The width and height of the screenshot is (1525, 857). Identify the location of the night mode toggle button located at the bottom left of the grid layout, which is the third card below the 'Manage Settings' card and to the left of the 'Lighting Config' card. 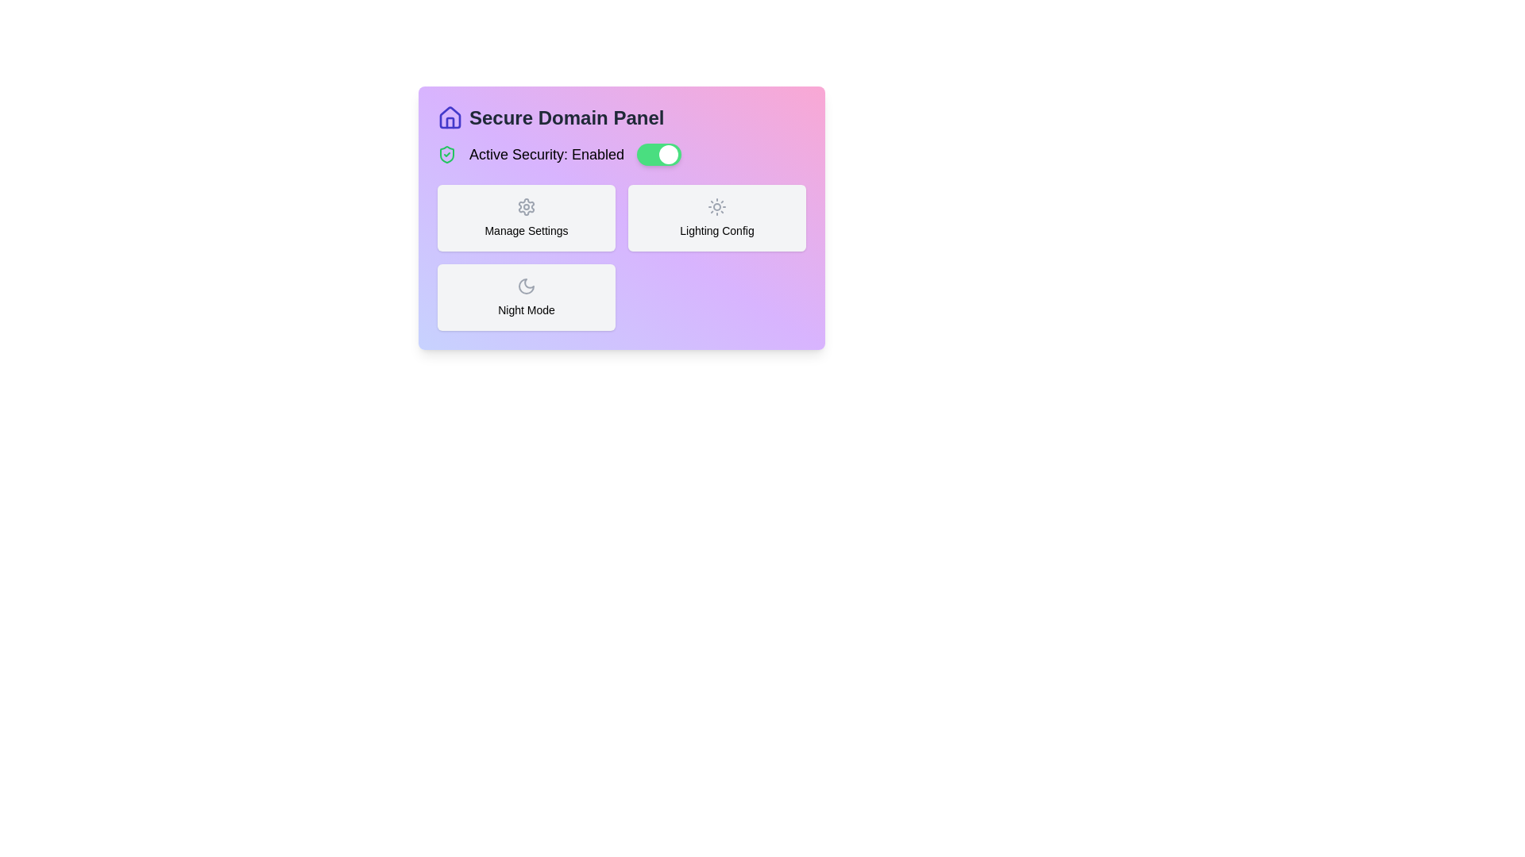
(526, 297).